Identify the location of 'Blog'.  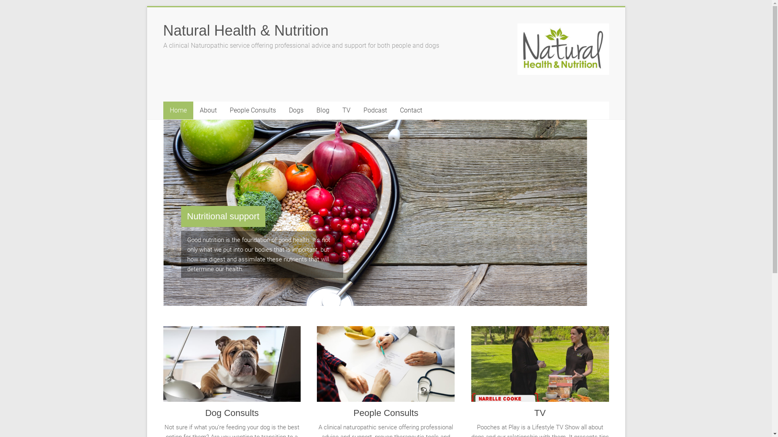
(322, 110).